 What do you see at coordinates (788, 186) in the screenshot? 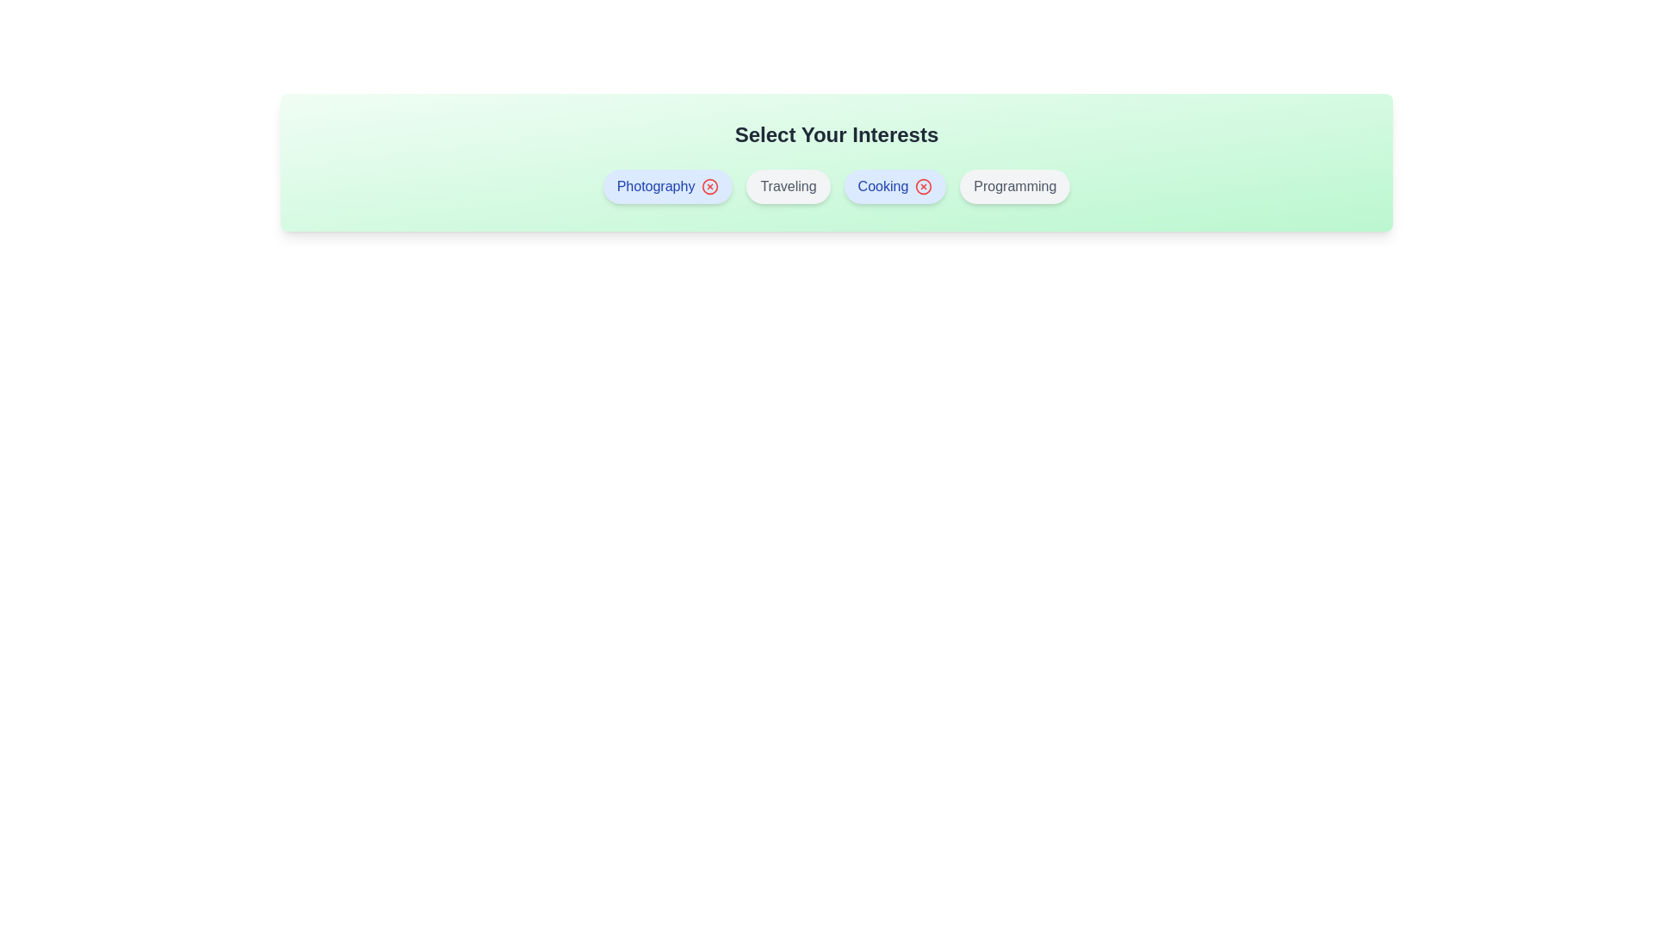
I see `the interest item Traveling` at bounding box center [788, 186].